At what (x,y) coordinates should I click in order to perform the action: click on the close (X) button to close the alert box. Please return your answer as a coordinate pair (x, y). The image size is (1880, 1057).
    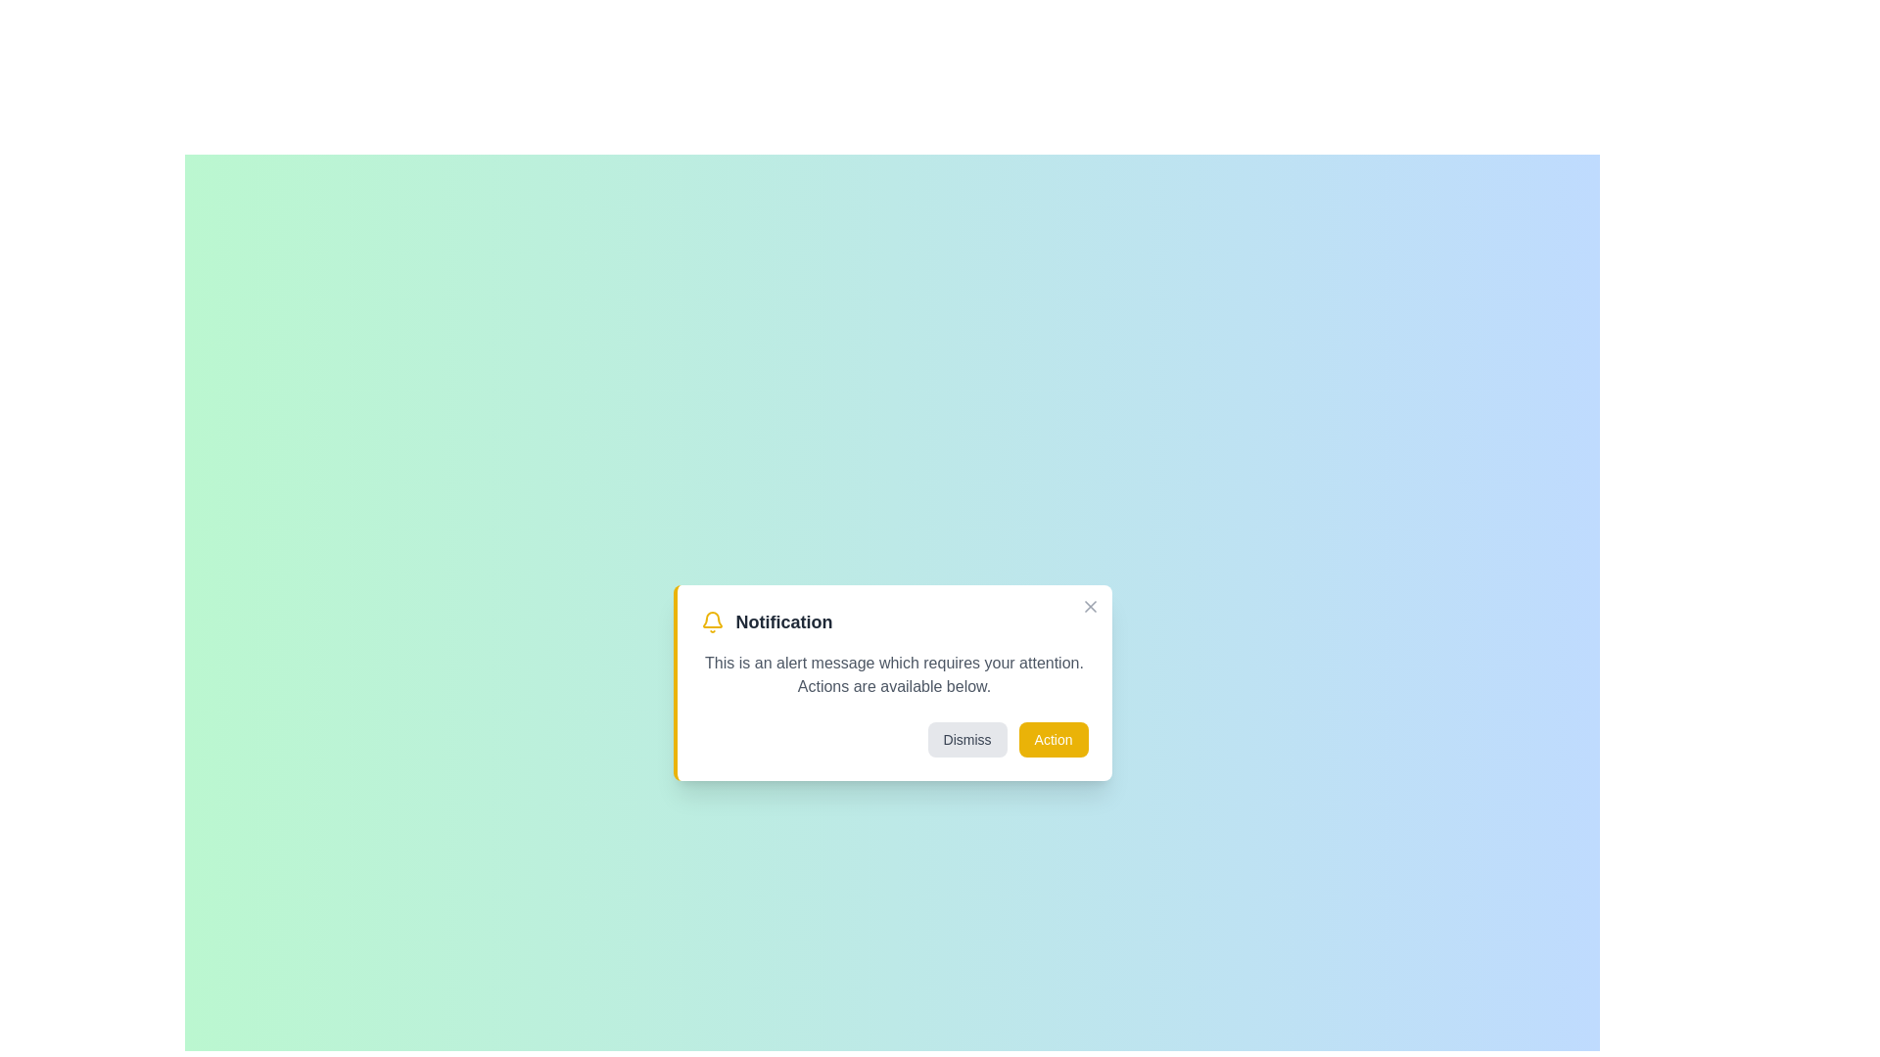
    Looking at the image, I should click on (1089, 606).